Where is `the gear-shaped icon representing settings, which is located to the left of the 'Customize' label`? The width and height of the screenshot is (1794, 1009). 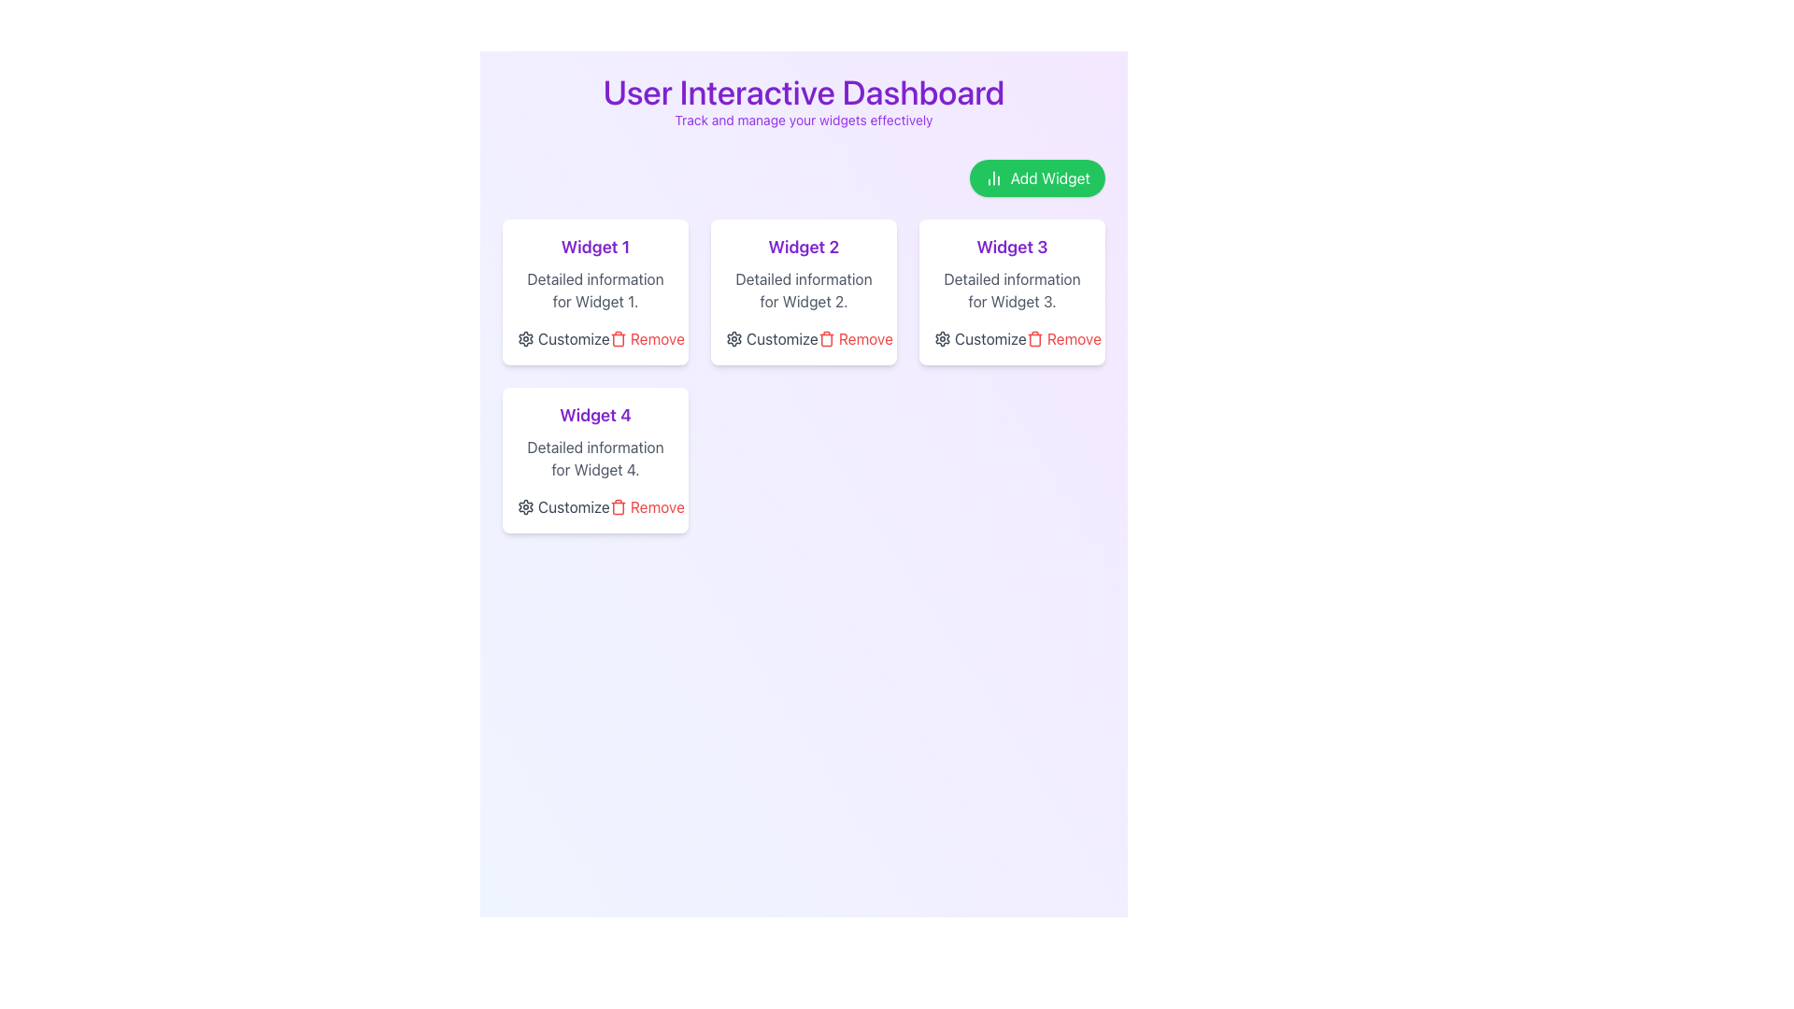 the gear-shaped icon representing settings, which is located to the left of the 'Customize' label is located at coordinates (733, 338).